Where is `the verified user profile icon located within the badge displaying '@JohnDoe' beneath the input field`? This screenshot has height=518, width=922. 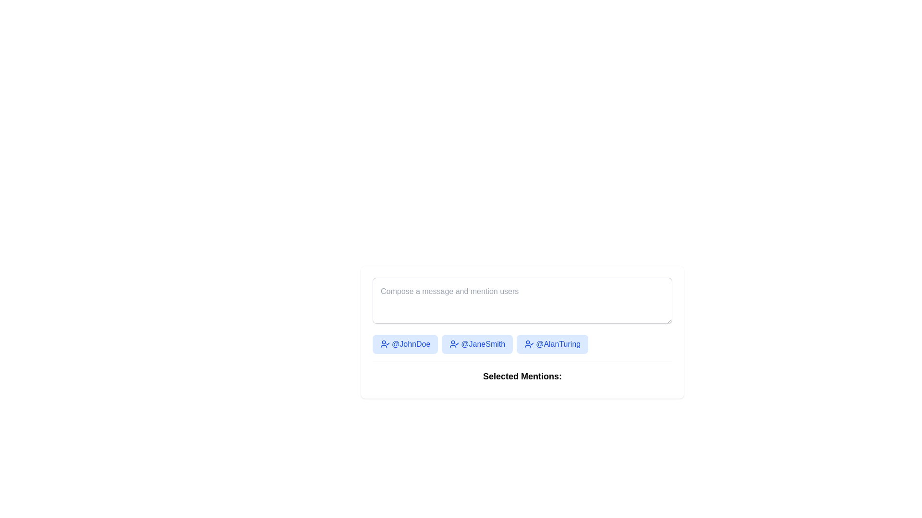
the verified user profile icon located within the badge displaying '@JohnDoe' beneath the input field is located at coordinates (385, 343).